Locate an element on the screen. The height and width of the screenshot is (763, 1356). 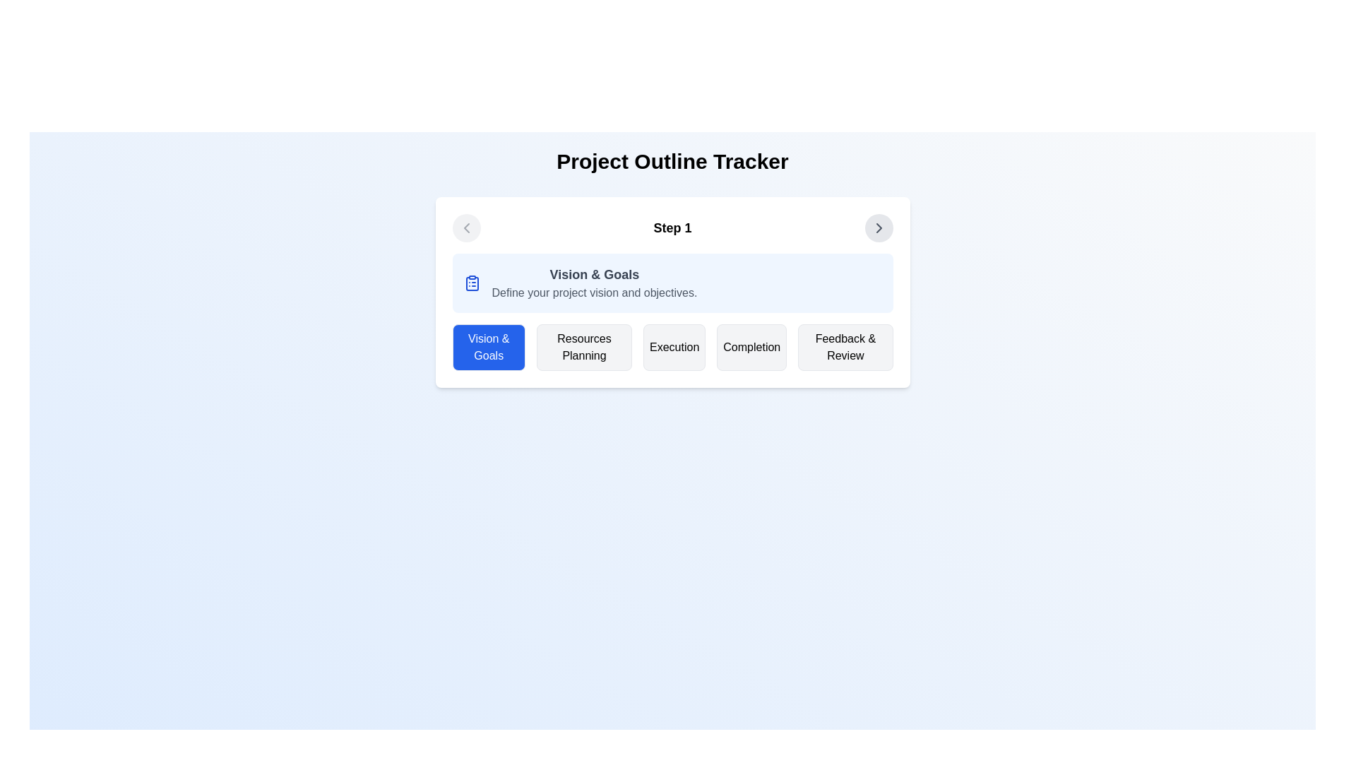
the 'Vision & Goals' button, which is a blue rectangular button with rounded corners and white text, located in the center part of the interface under the section 'Step 1' is located at coordinates (488, 348).